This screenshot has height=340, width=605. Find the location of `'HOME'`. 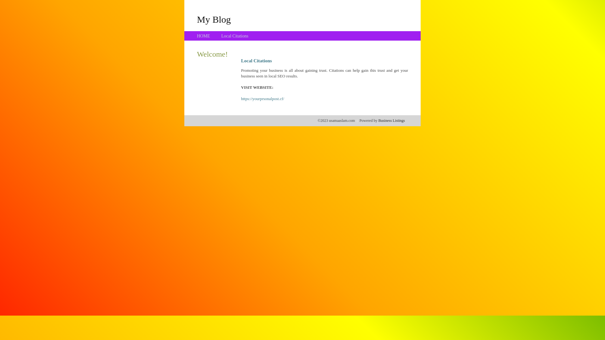

'HOME' is located at coordinates (203, 36).